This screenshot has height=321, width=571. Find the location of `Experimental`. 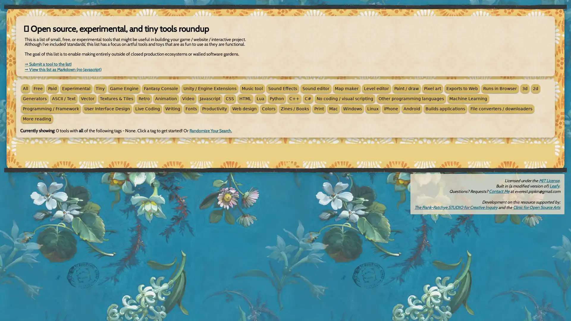

Experimental is located at coordinates (76, 88).